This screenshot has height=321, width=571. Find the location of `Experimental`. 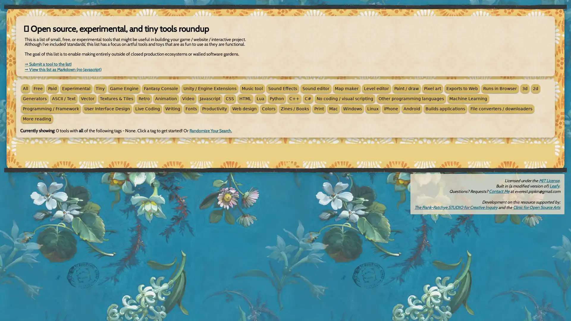

Experimental is located at coordinates (76, 88).